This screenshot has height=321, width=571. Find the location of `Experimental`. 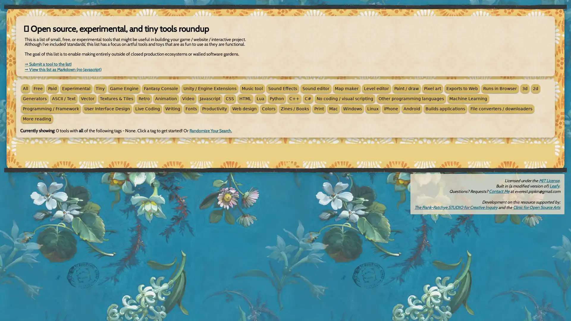

Experimental is located at coordinates (76, 88).